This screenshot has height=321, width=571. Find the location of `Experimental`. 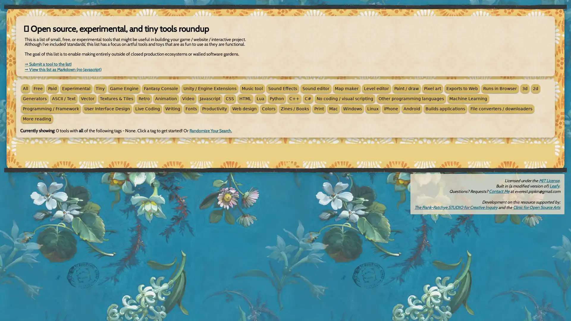

Experimental is located at coordinates (76, 88).